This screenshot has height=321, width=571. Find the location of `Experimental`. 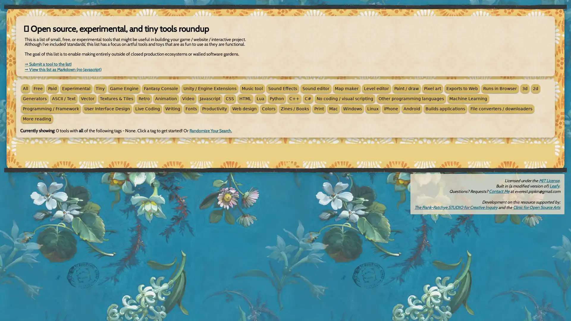

Experimental is located at coordinates (76, 88).